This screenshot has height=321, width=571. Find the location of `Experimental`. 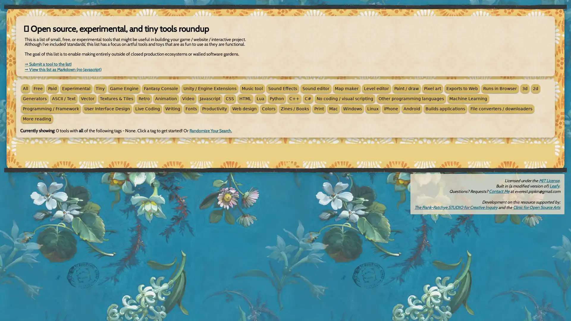

Experimental is located at coordinates (76, 88).